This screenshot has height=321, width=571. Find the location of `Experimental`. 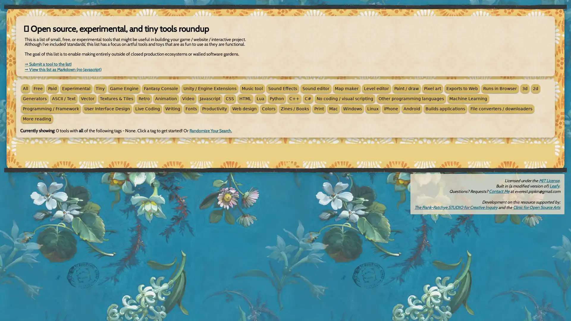

Experimental is located at coordinates (76, 88).